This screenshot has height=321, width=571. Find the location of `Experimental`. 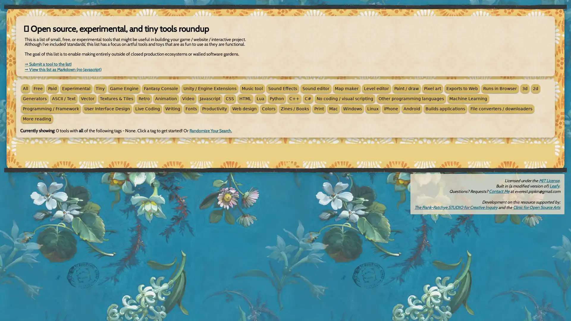

Experimental is located at coordinates (76, 88).